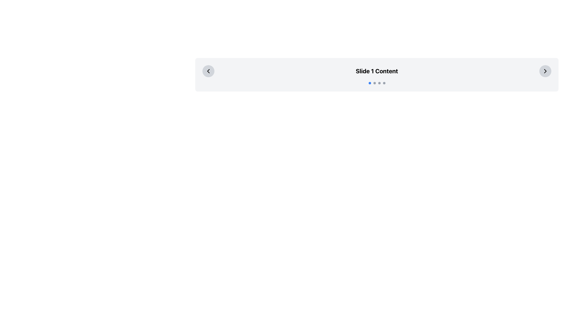  What do you see at coordinates (208, 71) in the screenshot?
I see `the chevron icon button located on the left side of the carousel header` at bounding box center [208, 71].